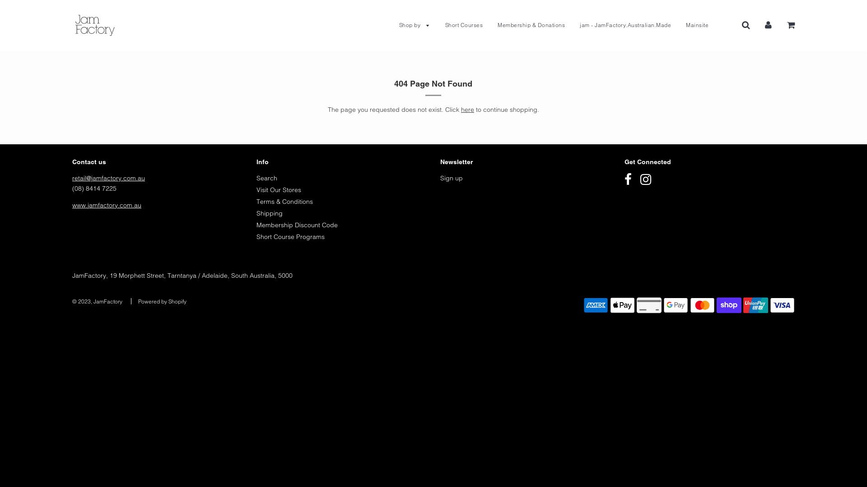 Image resolution: width=867 pixels, height=487 pixels. What do you see at coordinates (297, 224) in the screenshot?
I see `'Membership Discount Code'` at bounding box center [297, 224].